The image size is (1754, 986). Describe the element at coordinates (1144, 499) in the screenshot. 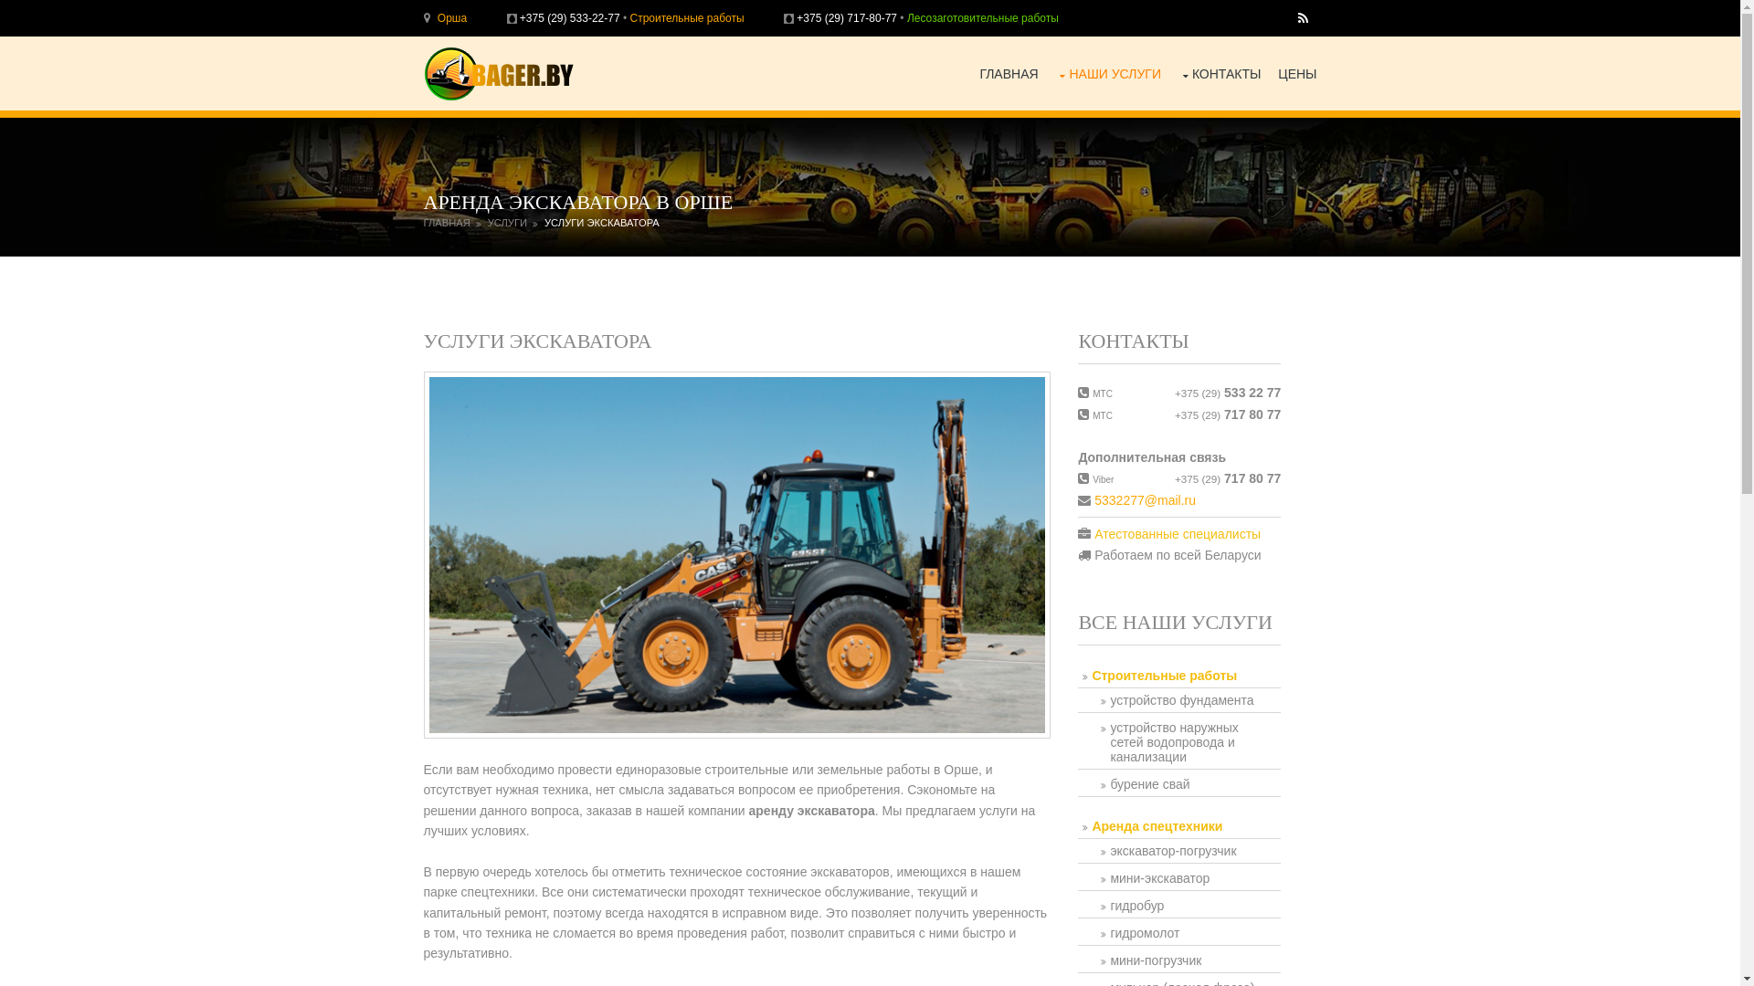

I see `'5332277@mail.ru'` at that location.